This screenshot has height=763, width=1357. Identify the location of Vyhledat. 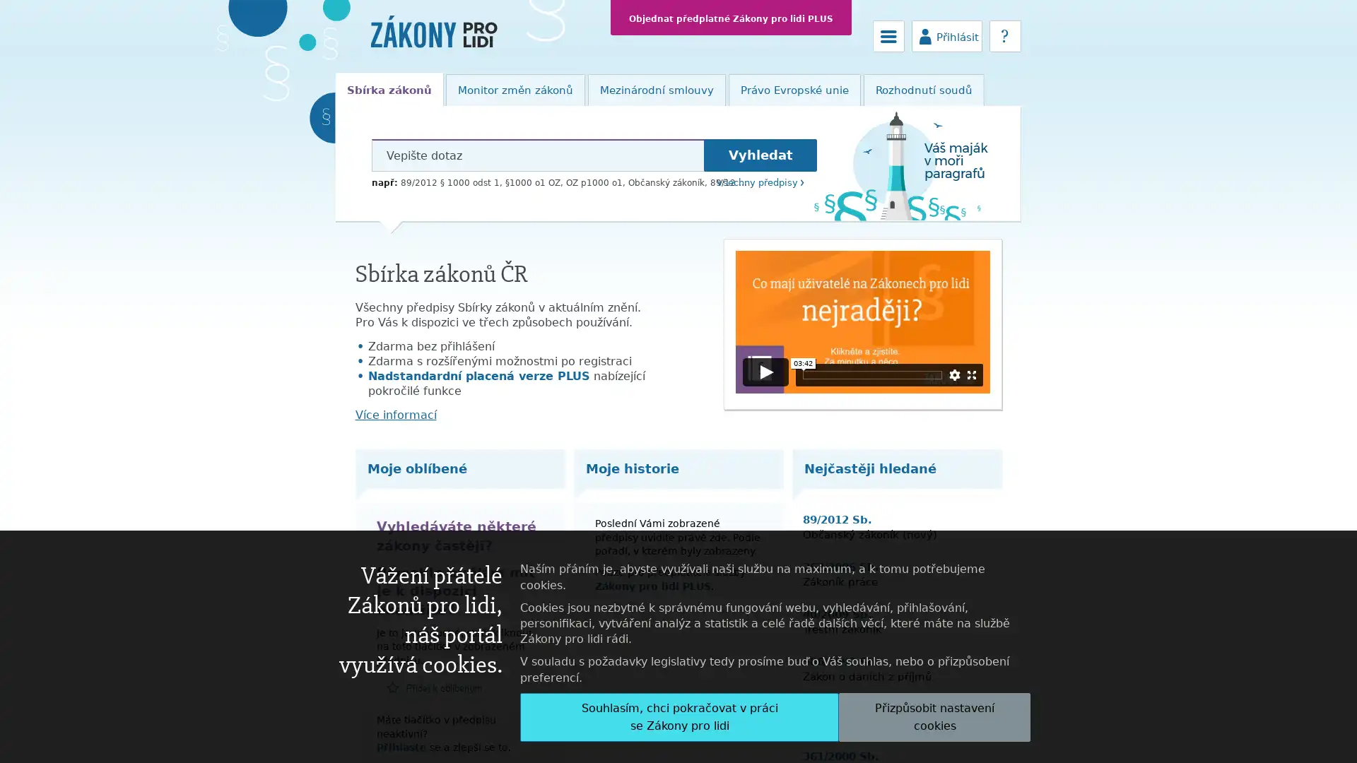
(759, 155).